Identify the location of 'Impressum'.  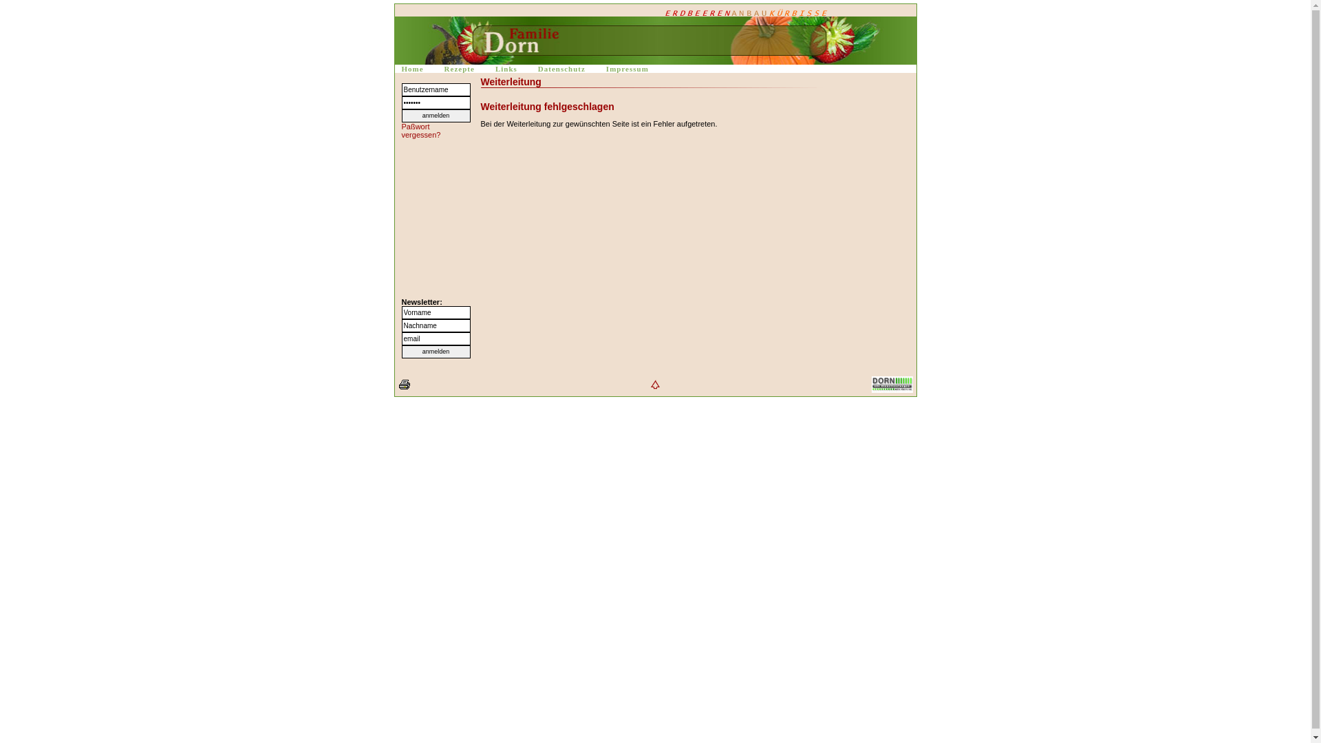
(627, 69).